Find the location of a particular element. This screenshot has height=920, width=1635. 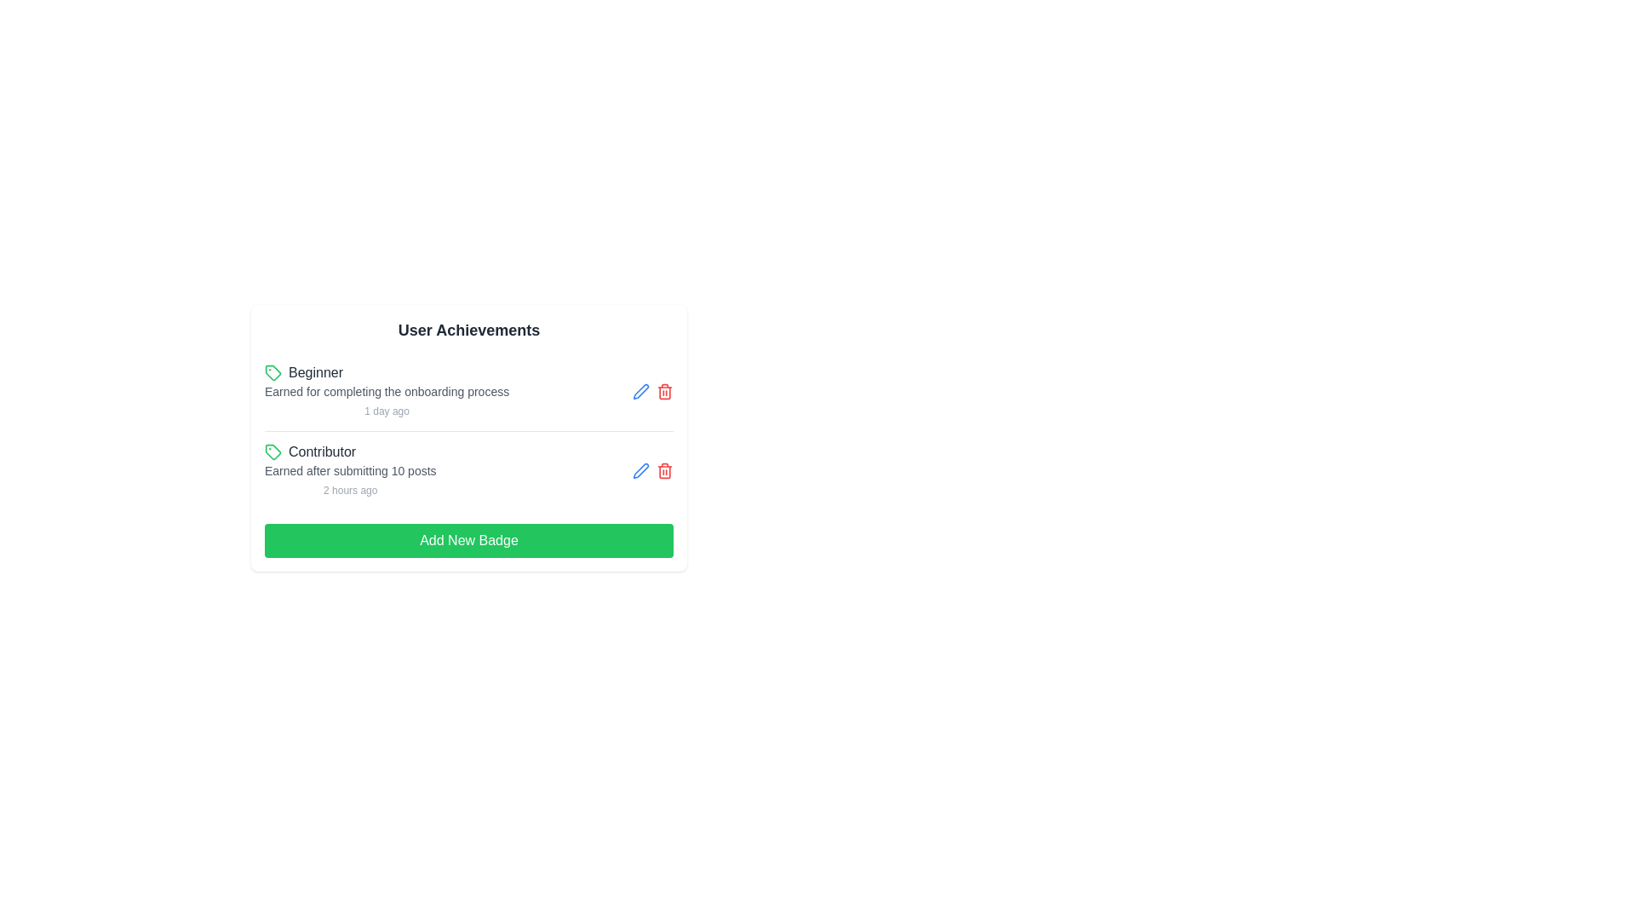

the 'Beginner' text label, which is styled in gray with medium font weight and located in the 'User Achievements' section, adjacent to a green tag icon is located at coordinates (315, 372).